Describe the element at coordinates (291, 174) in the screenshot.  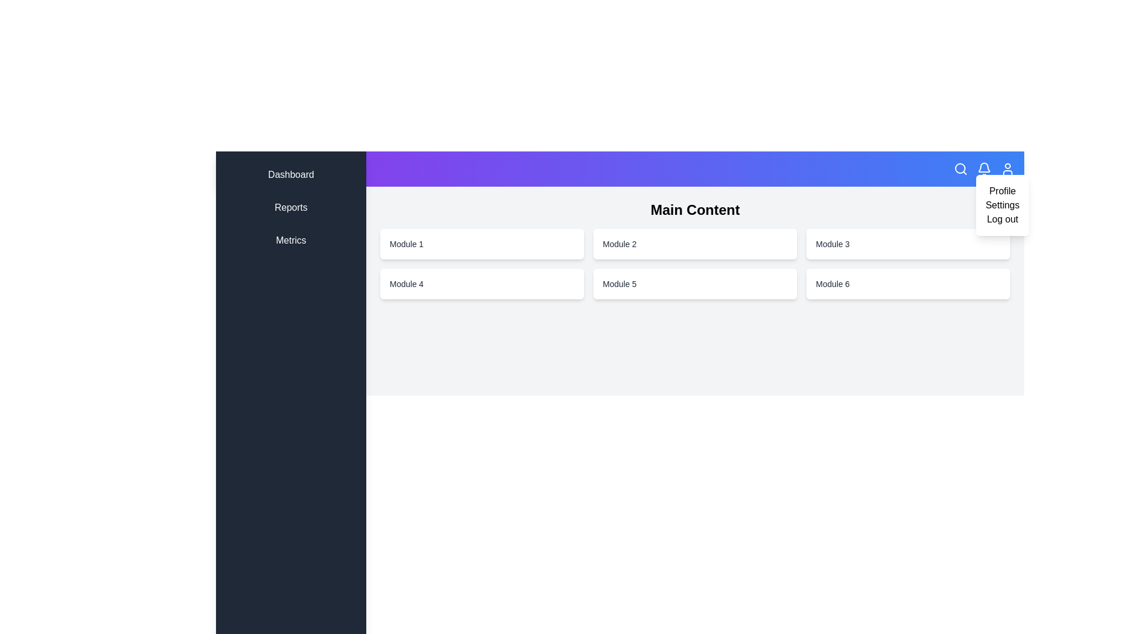
I see `the Navigation link located at the top of the sidebar, above the 'Reports' and 'Metrics' links, which redirects users to the dashboard view` at that location.